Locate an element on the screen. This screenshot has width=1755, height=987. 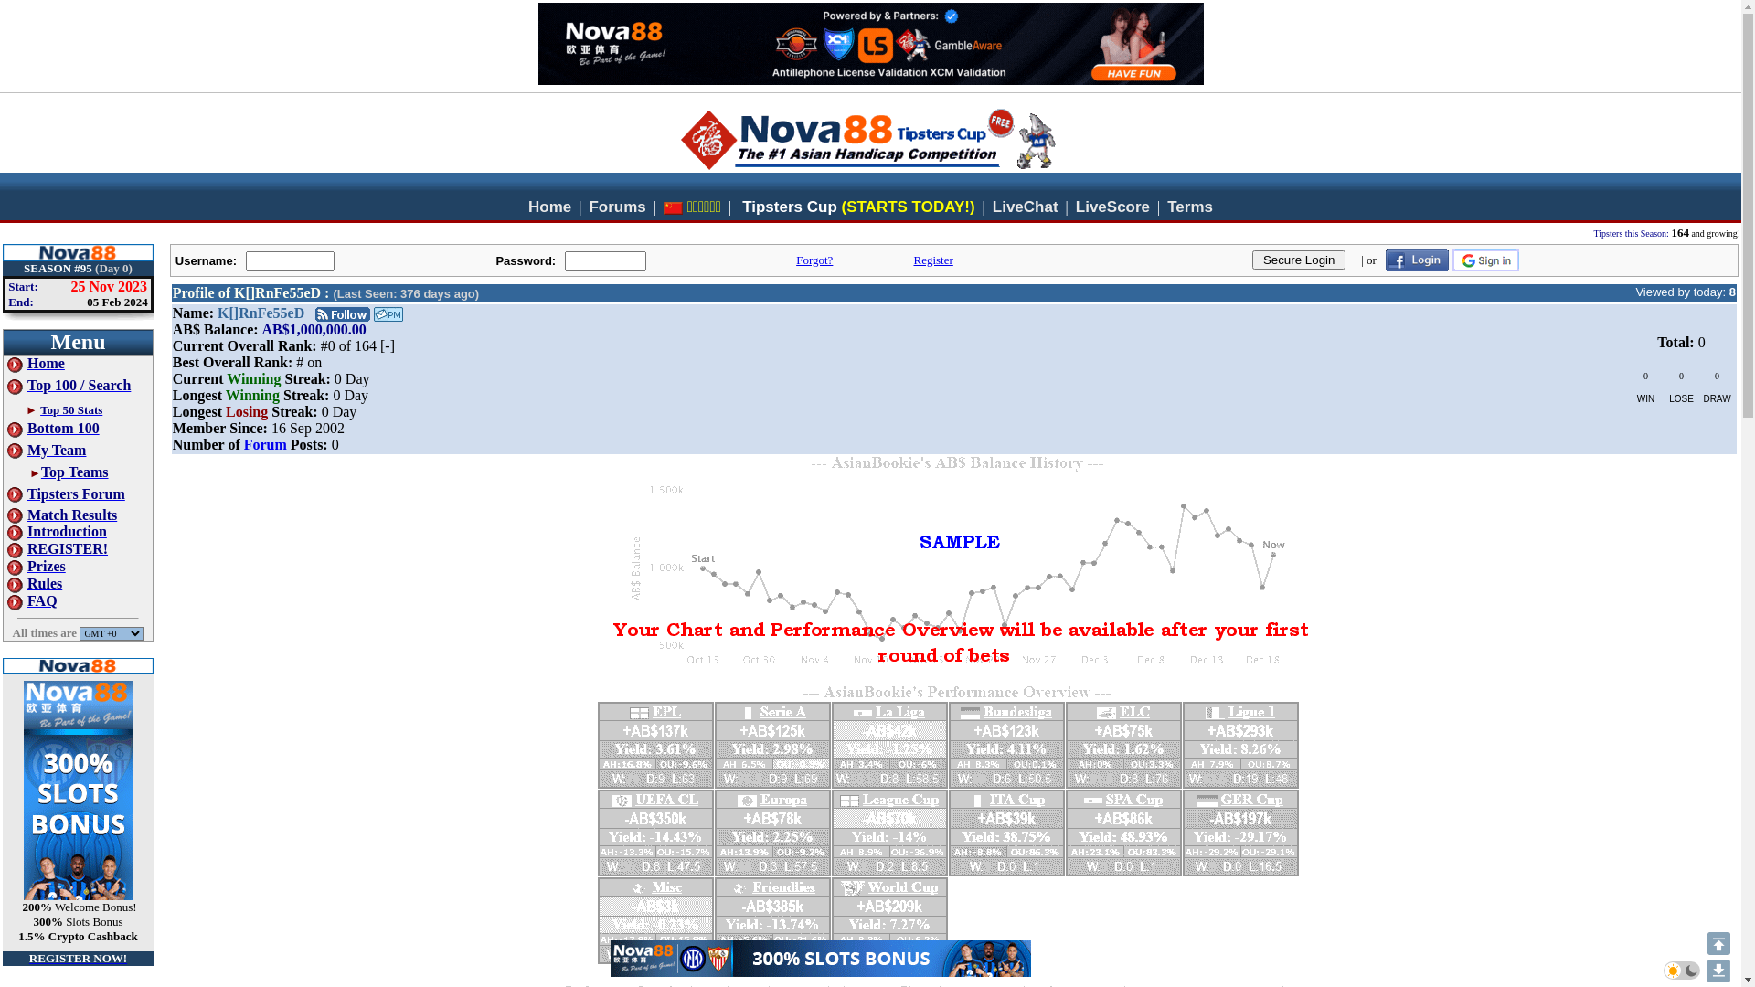
'Register' is located at coordinates (932, 259).